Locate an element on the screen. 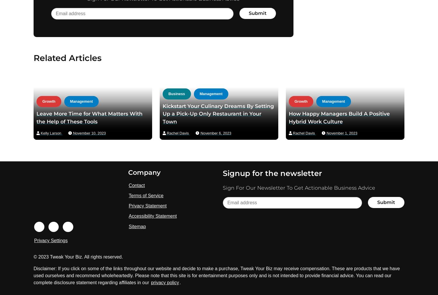  'Disclaimer: If you click on some of the links throughout our website and decide to make a purchase, Tweak Your Biz may receive compensation. These are products that we have used ourselves and recommend wholeheartedly. Please note that this site is for entertainment purposes only and is not intended to provide financial advice. You can read our complete disclosure statement regarding affiliates in our' is located at coordinates (33, 275).